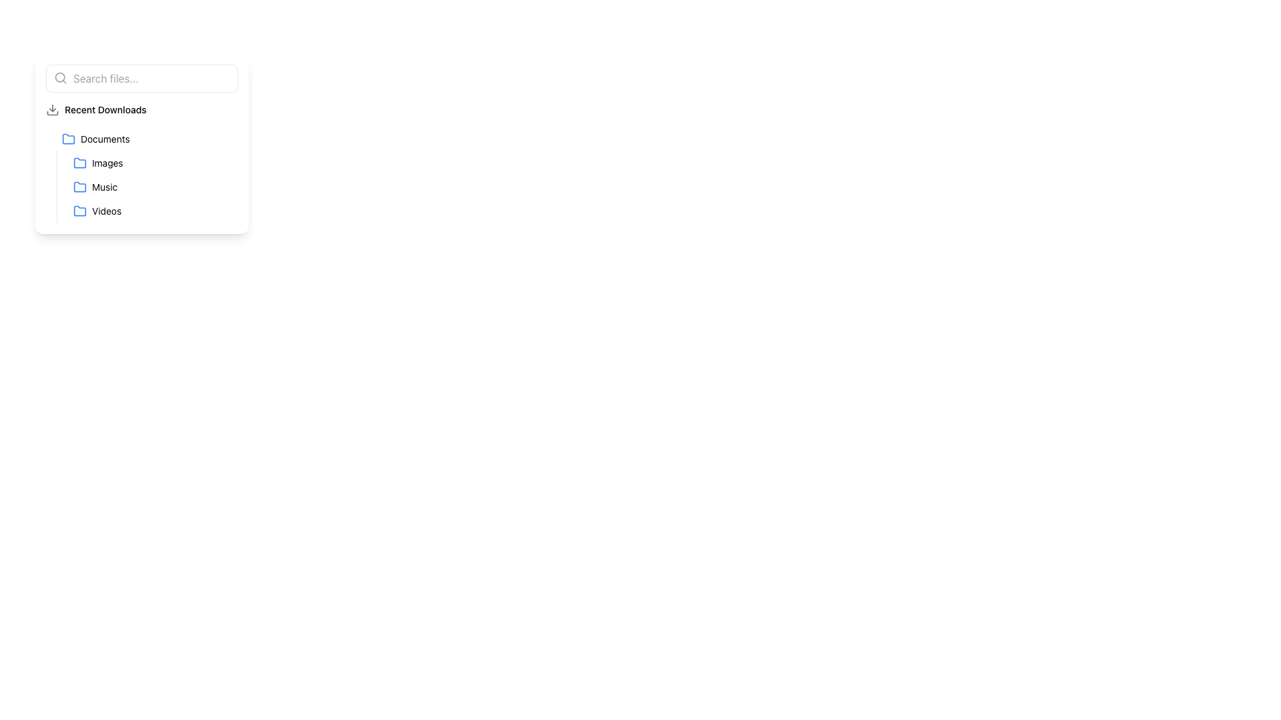 The height and width of the screenshot is (720, 1281). What do you see at coordinates (79, 210) in the screenshot?
I see `the 'Videos' folder icon located in the left sidebar panel, which is the first visual element of the 'Videos' button` at bounding box center [79, 210].